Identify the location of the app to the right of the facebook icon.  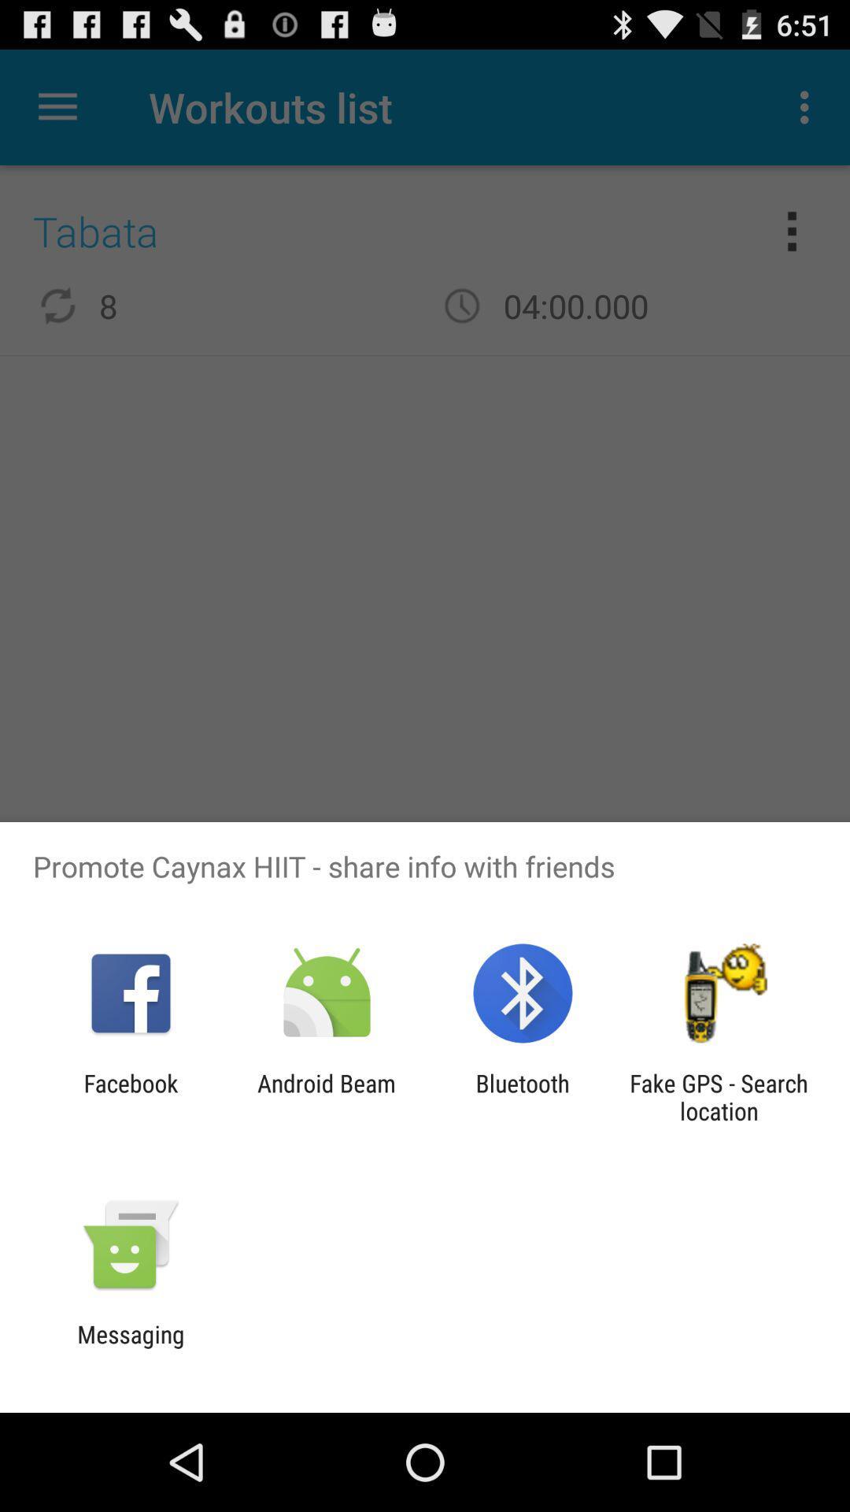
(326, 1096).